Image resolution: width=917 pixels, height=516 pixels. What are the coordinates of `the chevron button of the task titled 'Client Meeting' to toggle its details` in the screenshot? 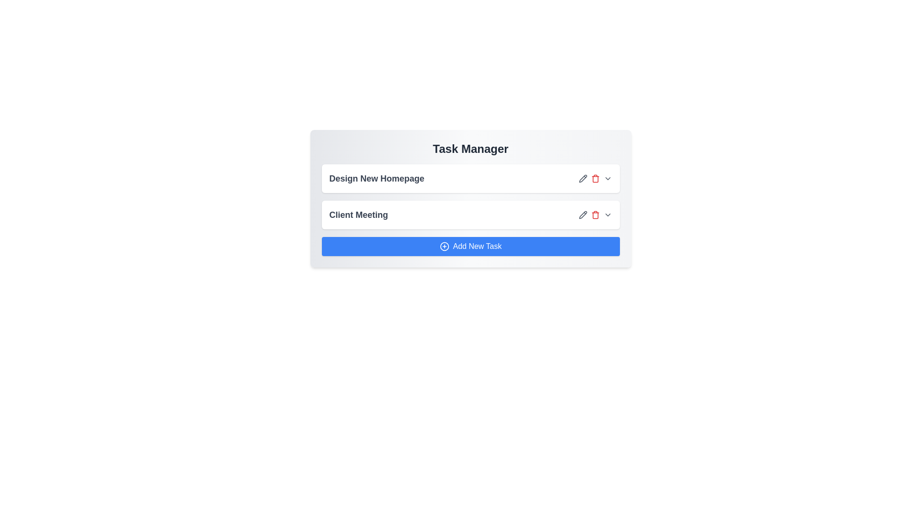 It's located at (607, 215).